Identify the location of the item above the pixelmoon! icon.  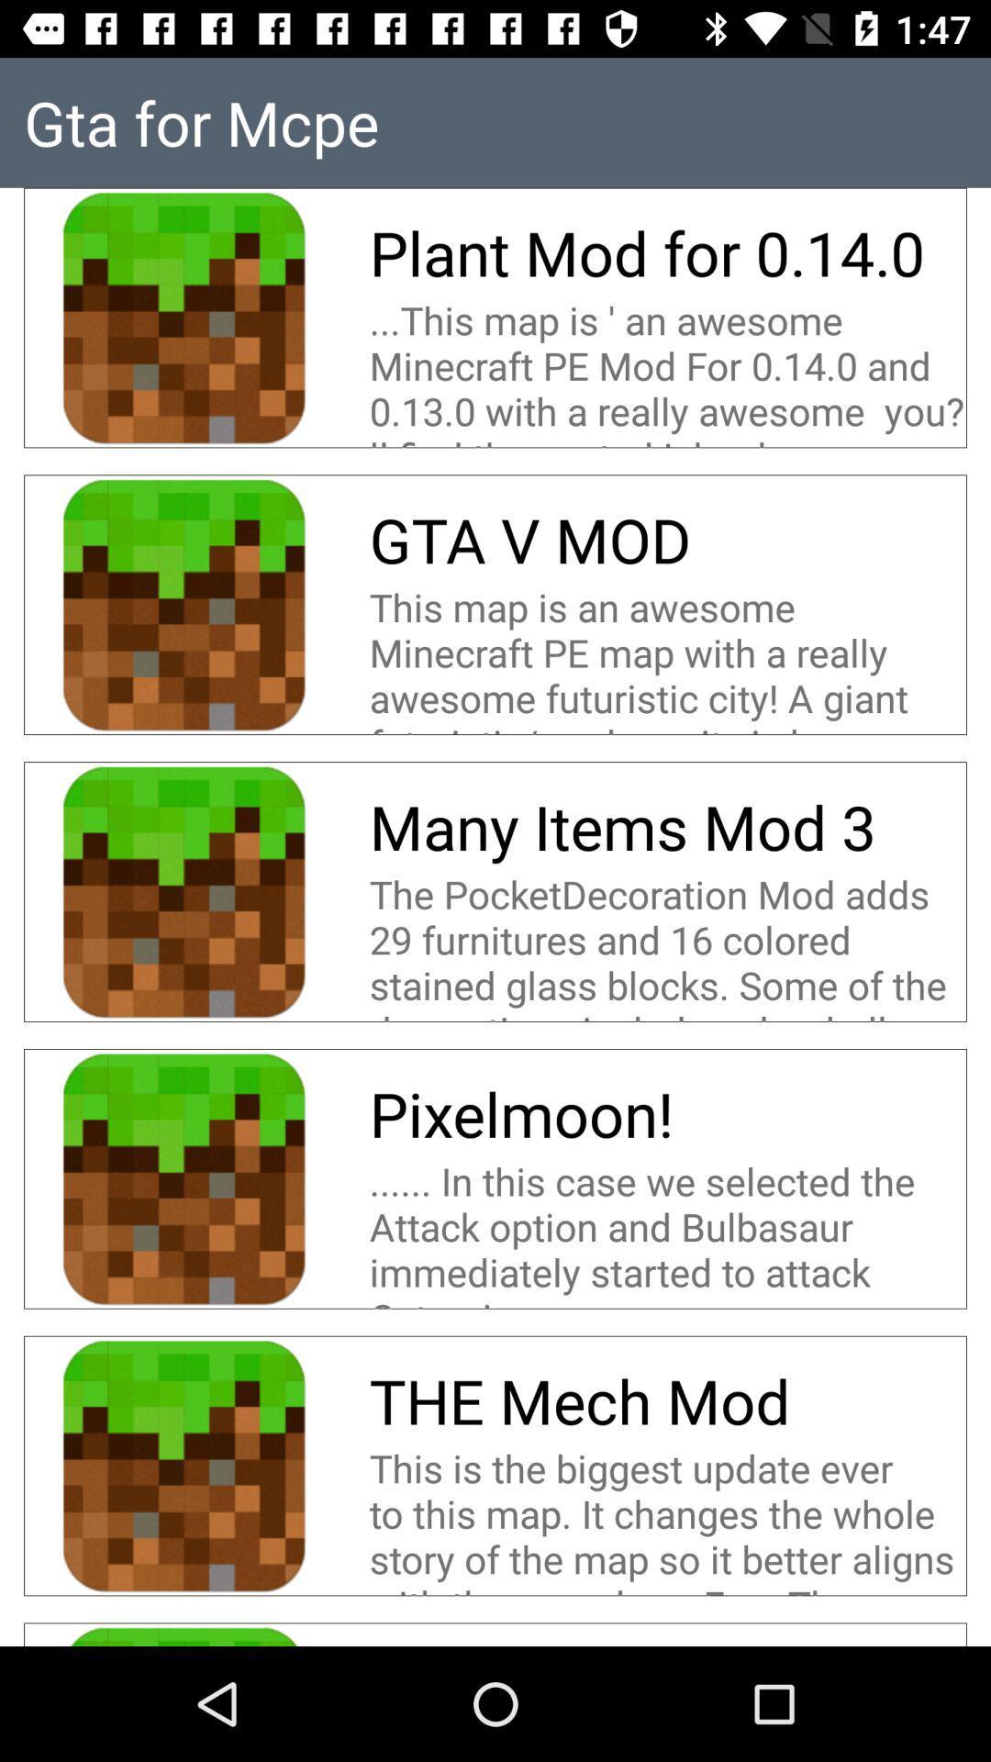
(668, 944).